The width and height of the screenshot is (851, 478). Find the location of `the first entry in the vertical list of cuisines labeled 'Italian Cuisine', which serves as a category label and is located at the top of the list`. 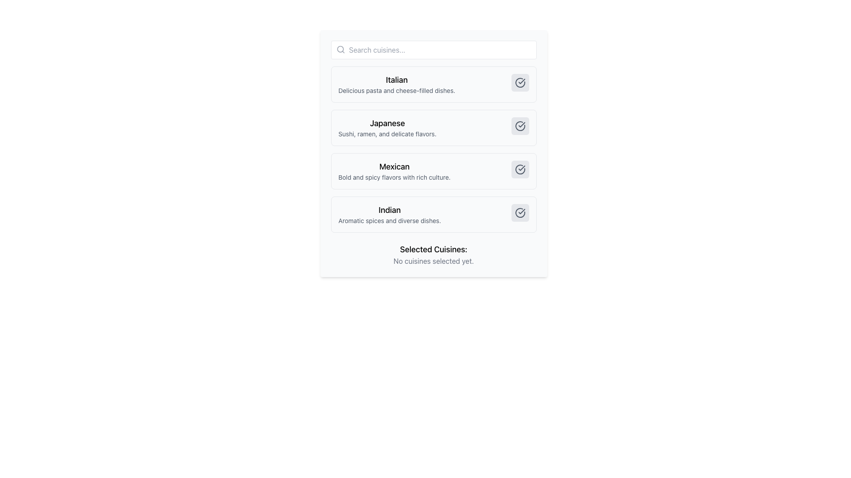

the first entry in the vertical list of cuisines labeled 'Italian Cuisine', which serves as a category label and is located at the top of the list is located at coordinates (396, 85).